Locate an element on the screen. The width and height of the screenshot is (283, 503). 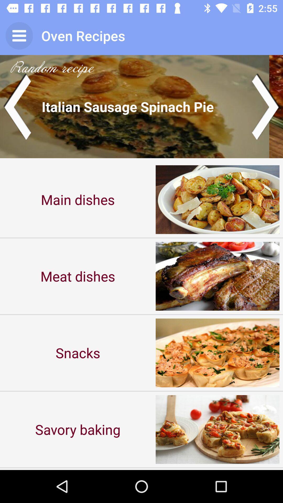
icon below the meat dishes item is located at coordinates (78, 353).